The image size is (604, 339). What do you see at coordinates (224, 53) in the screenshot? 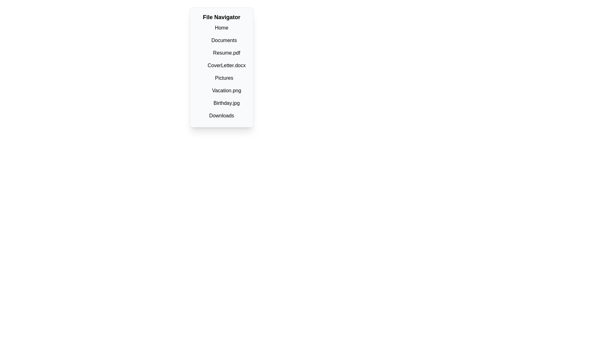
I see `the label for the file named 'Resume.pdf' located in the 'File Navigator' section, specifically the second item under the 'Documents' header` at bounding box center [224, 53].